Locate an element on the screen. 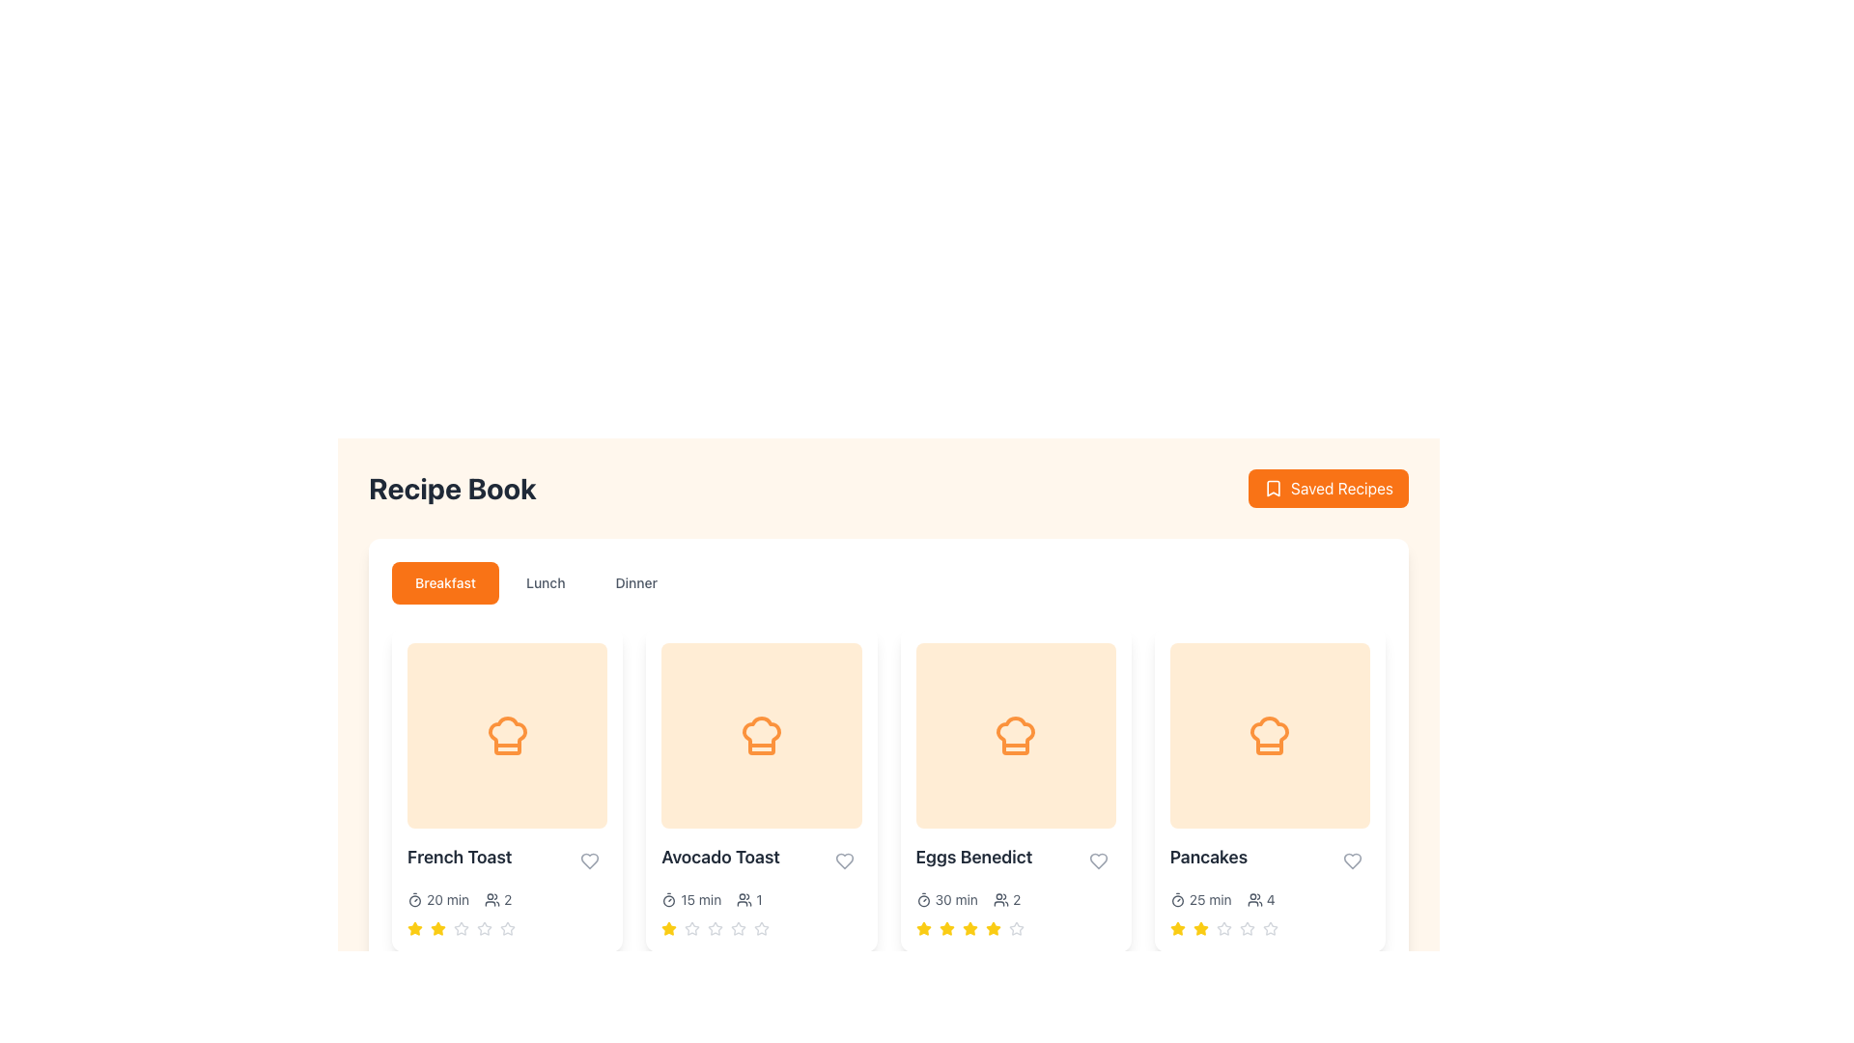  the first filled yellow star icon in the 5-star rating system below the 'French Toast' card in the 'Breakfast' tab is located at coordinates (414, 927).